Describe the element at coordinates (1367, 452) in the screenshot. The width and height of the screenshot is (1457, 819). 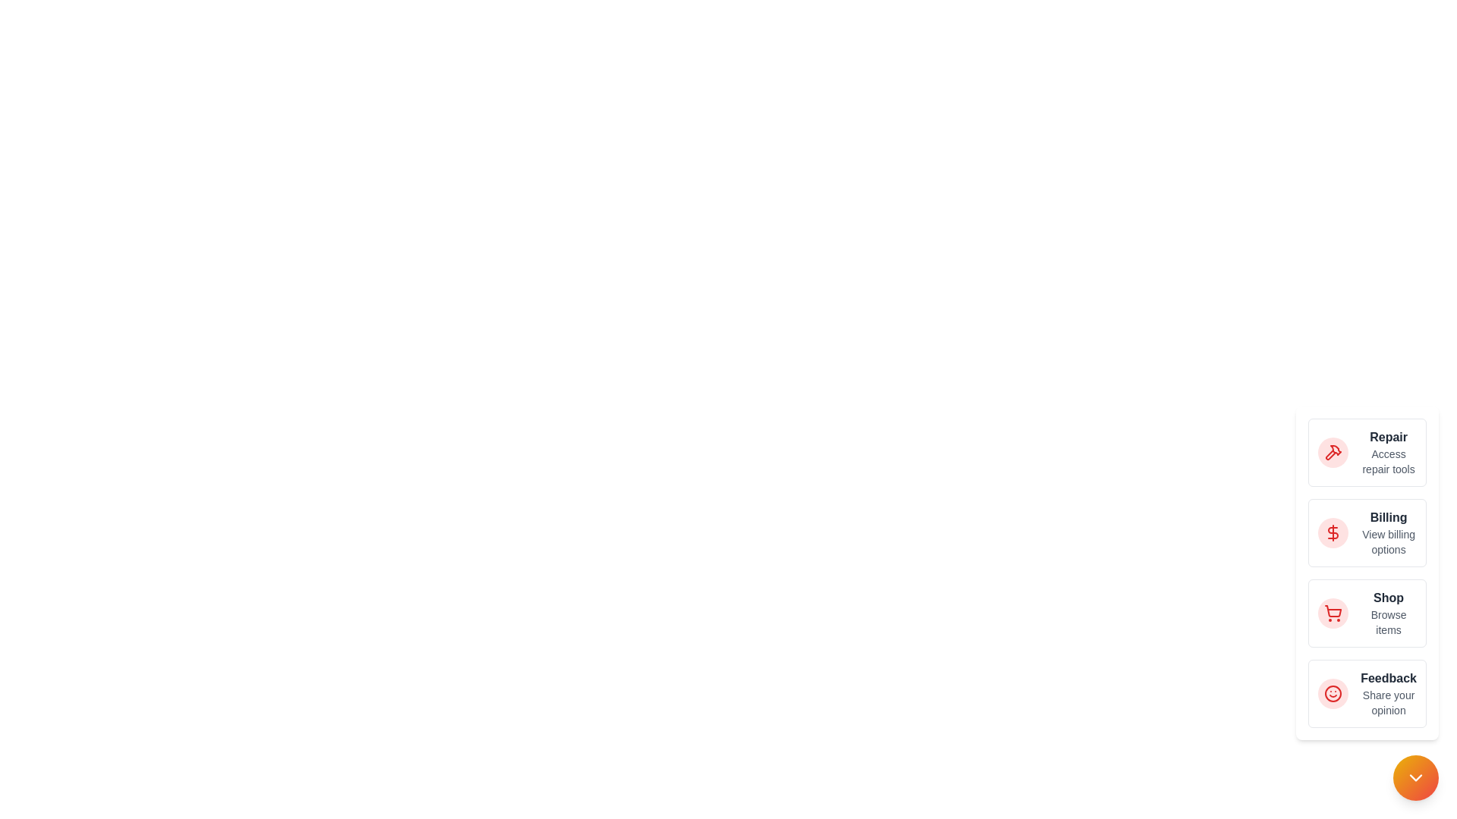
I see `the action 'Repair' from the list` at that location.